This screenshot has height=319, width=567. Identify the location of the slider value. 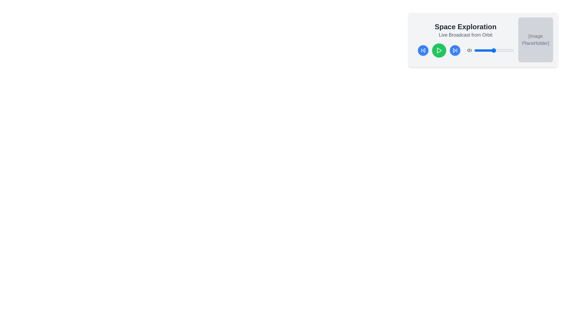
(496, 50).